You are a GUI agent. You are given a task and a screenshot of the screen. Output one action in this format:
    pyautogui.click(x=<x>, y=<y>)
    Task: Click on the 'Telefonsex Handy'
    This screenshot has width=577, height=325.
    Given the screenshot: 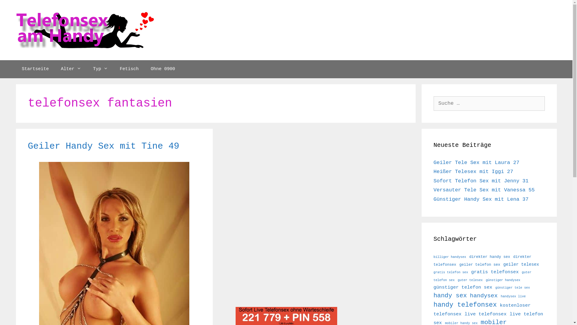 What is the action you would take?
    pyautogui.click(x=84, y=30)
    